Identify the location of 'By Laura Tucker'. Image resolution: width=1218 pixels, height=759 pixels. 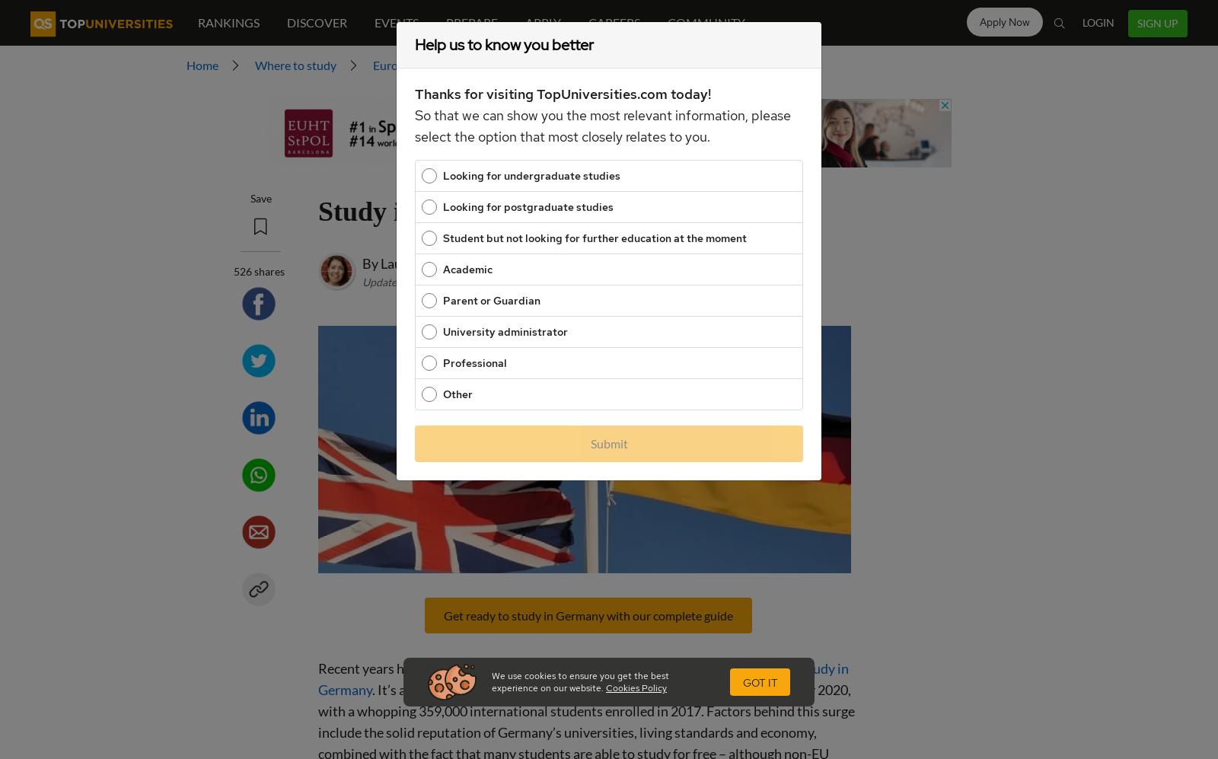
(408, 262).